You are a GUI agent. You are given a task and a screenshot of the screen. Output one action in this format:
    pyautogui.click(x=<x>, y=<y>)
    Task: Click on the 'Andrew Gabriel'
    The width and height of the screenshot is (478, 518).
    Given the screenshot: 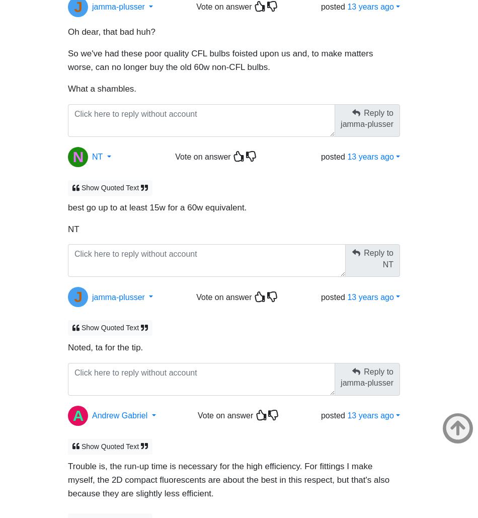 What is the action you would take?
    pyautogui.click(x=119, y=410)
    